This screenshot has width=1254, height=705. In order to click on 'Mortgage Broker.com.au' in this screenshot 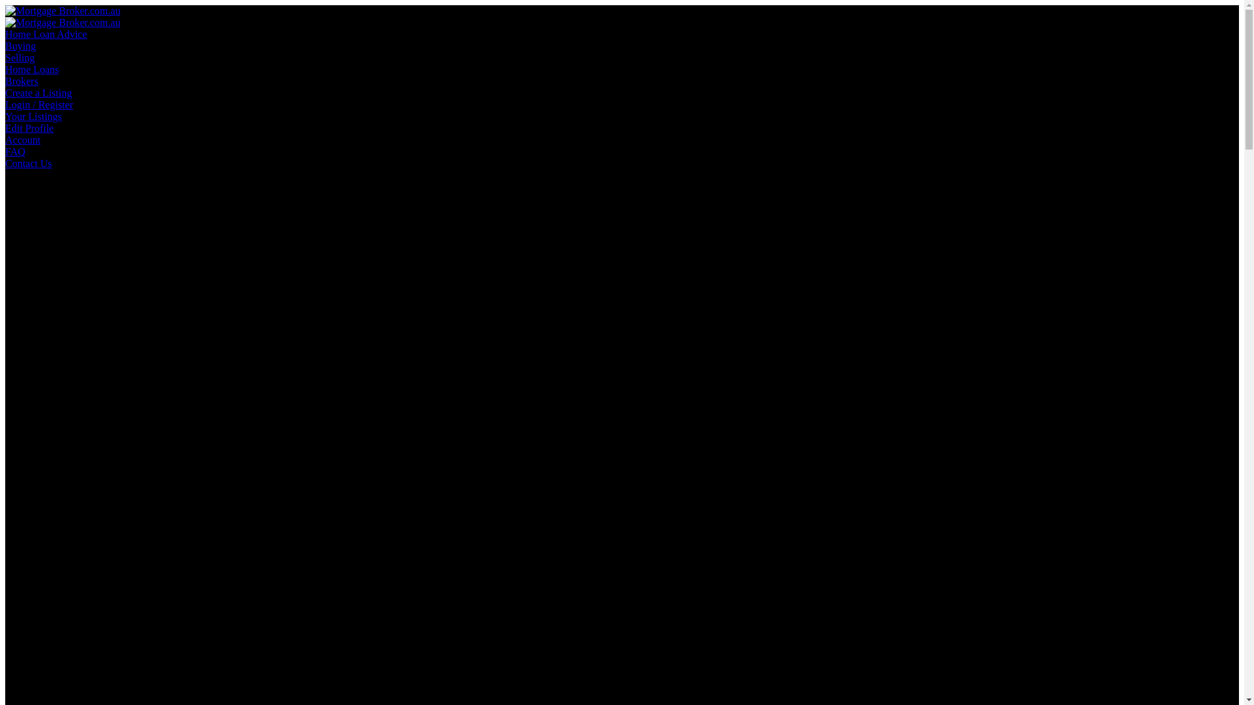, I will do `click(62, 10)`.